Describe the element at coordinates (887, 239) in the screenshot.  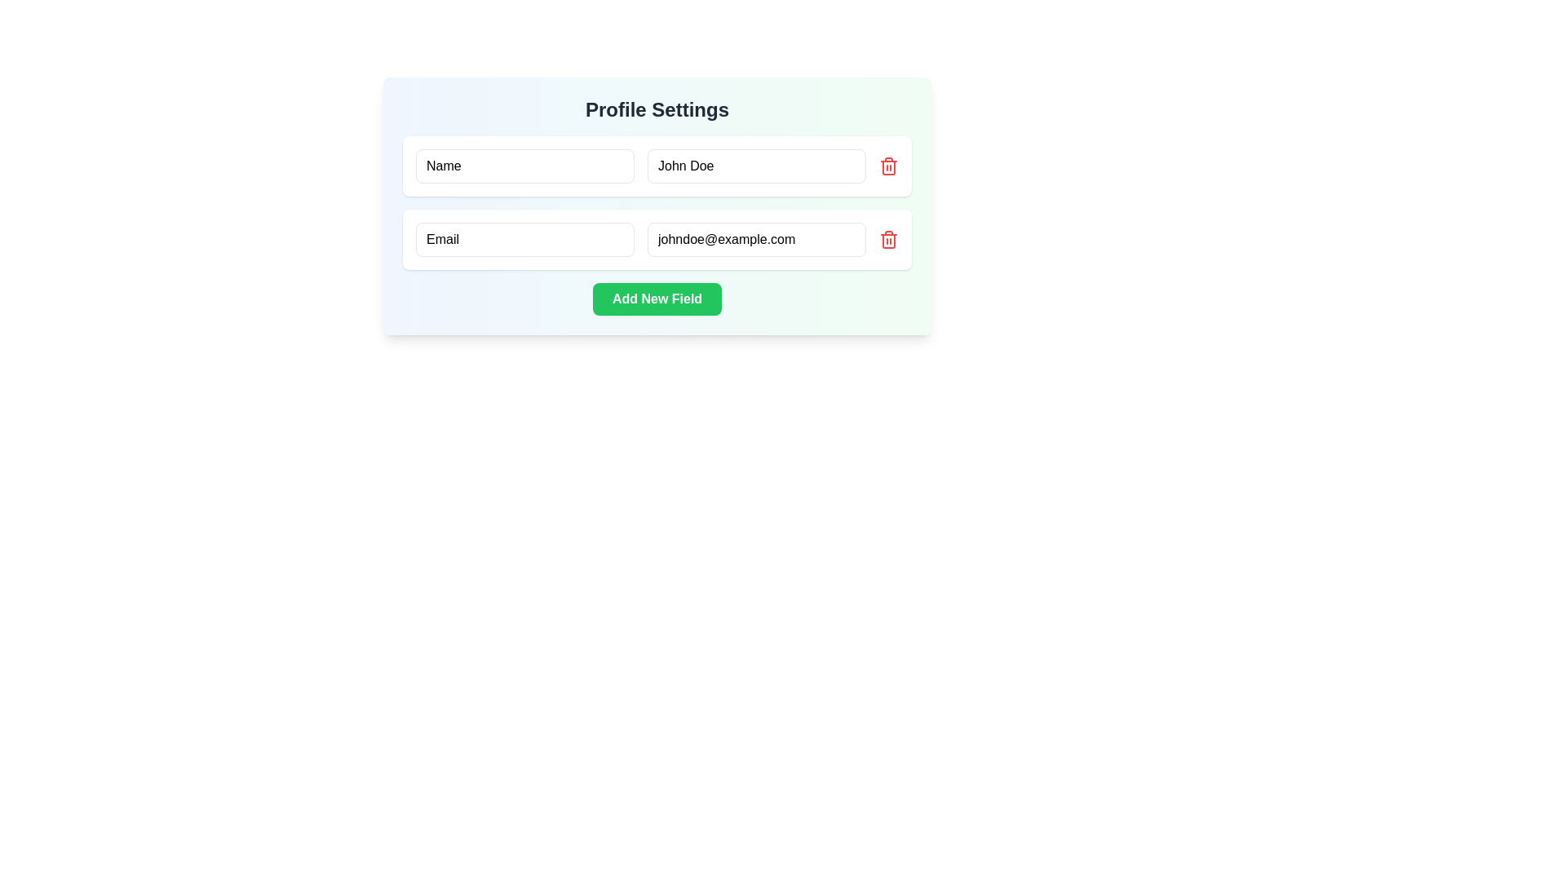
I see `the trash icon button styled as a red bin, located to the right of the email input field containing 'johndoe@example.com'` at that location.